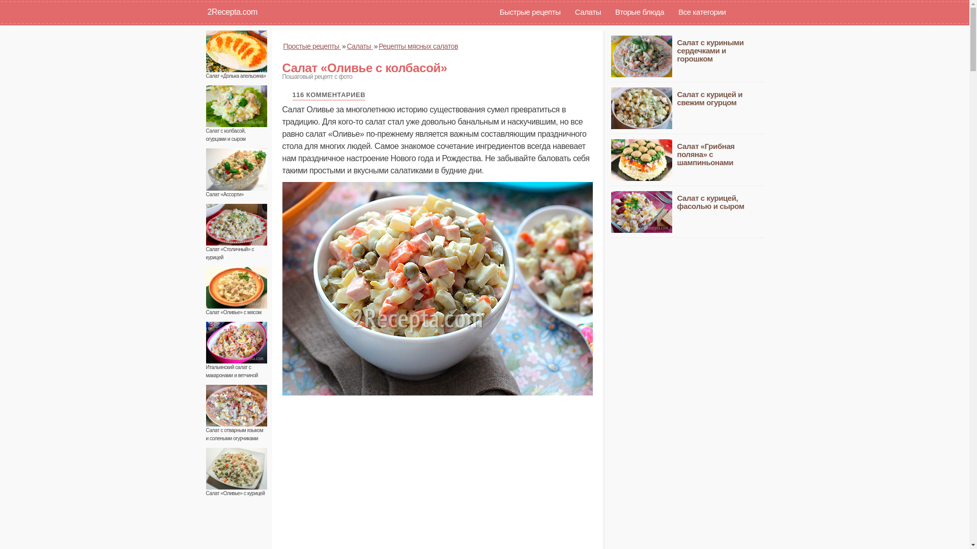 This screenshot has width=977, height=549. What do you see at coordinates (200, 12) in the screenshot?
I see `'2Recepta.com'` at bounding box center [200, 12].